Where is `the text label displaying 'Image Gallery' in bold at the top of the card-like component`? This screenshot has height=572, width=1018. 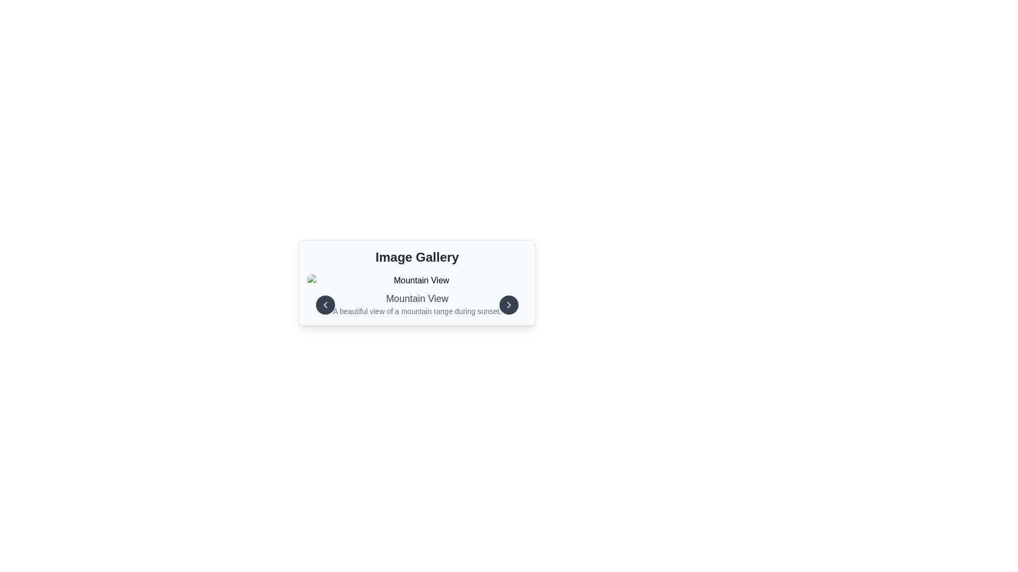
the text label displaying 'Image Gallery' in bold at the top of the card-like component is located at coordinates (417, 257).